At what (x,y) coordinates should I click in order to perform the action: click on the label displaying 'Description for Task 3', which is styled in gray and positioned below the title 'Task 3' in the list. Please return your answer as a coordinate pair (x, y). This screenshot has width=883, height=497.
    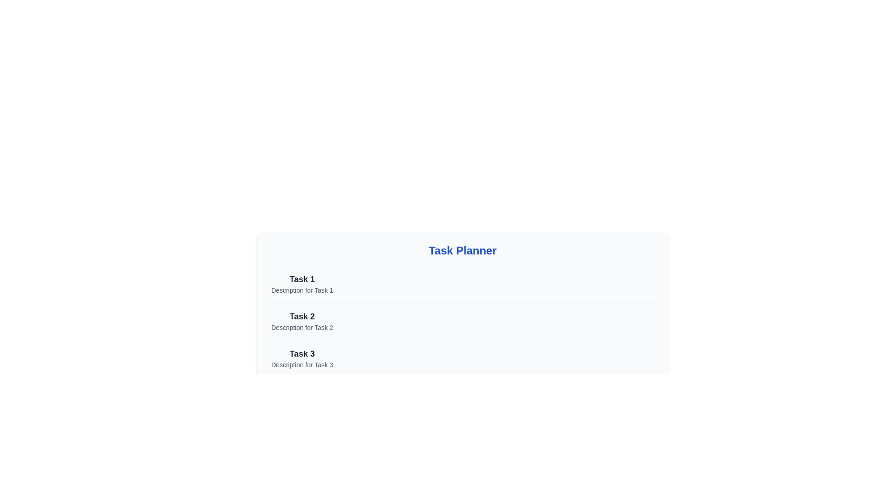
    Looking at the image, I should click on (302, 364).